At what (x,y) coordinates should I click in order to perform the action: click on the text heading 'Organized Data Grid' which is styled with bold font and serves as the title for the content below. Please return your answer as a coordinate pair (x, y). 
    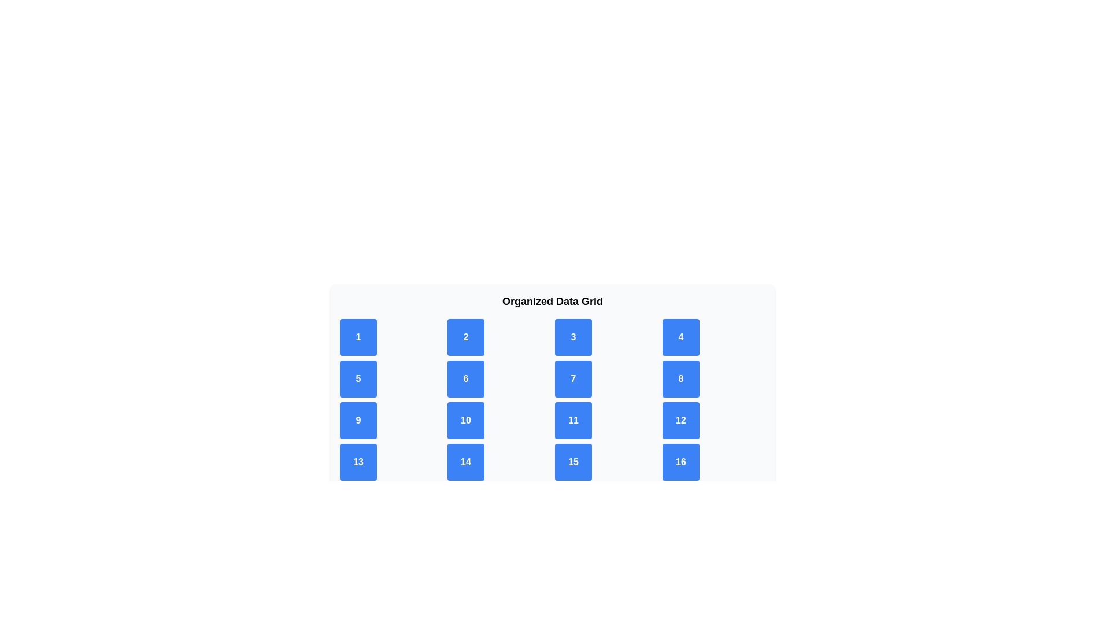
    Looking at the image, I should click on (552, 300).